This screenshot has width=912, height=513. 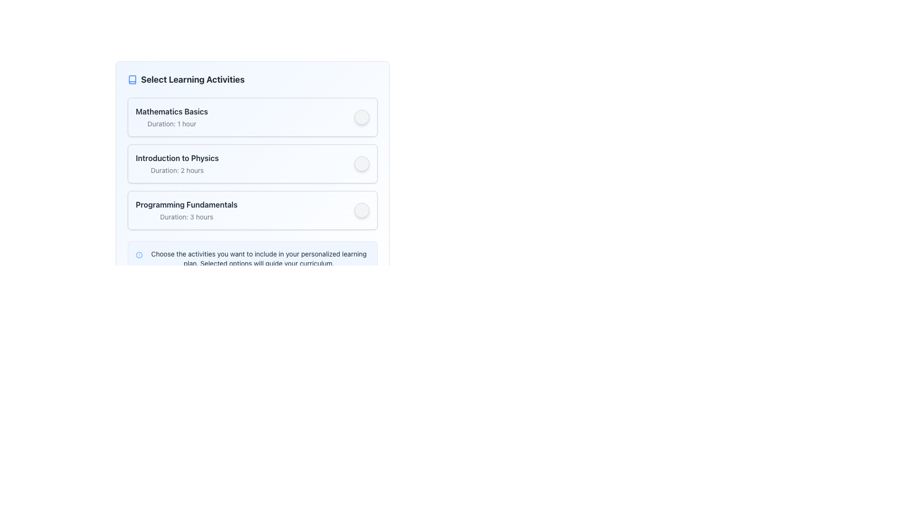 I want to click on informational text display titled 'Mathematics Basics' with the description 'Duration: 1 hour', which is positioned at the top of the list in a bordered box, so click(x=171, y=116).